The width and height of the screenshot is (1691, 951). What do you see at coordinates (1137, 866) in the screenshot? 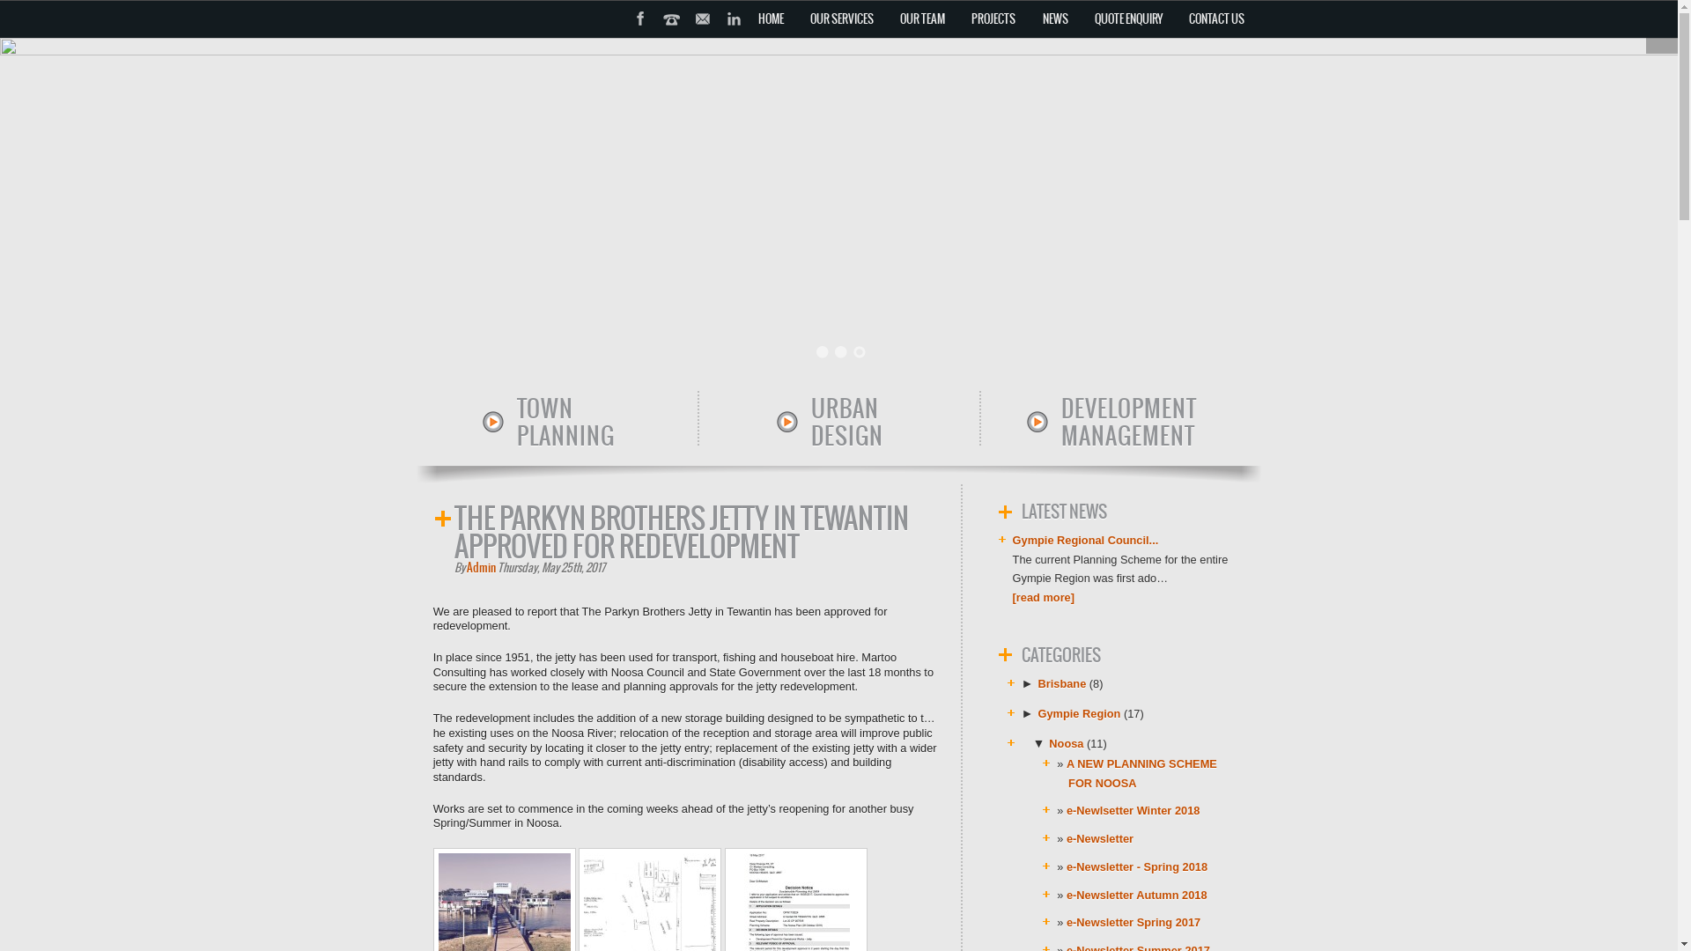
I see `'e-Newsletter - Spring 2018'` at bounding box center [1137, 866].